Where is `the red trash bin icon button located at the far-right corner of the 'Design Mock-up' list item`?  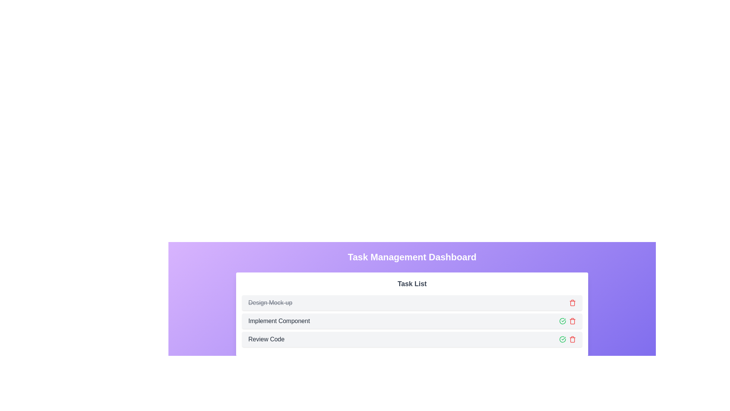 the red trash bin icon button located at the far-right corner of the 'Design Mock-up' list item is located at coordinates (572, 302).